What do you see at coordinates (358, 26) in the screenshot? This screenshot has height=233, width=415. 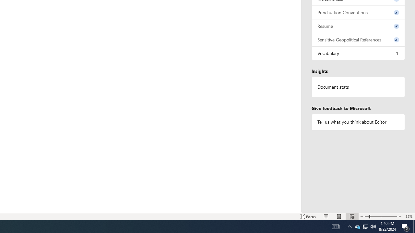 I see `'Resume, 0 issues. Press space or enter to review items.'` at bounding box center [358, 26].